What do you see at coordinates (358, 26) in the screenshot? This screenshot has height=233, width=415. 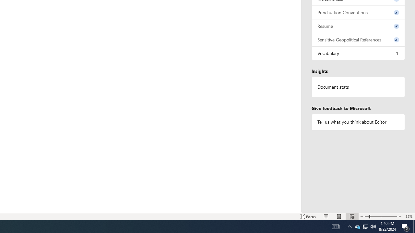 I see `'Resume, 0 issues. Press space or enter to review items.'` at bounding box center [358, 26].